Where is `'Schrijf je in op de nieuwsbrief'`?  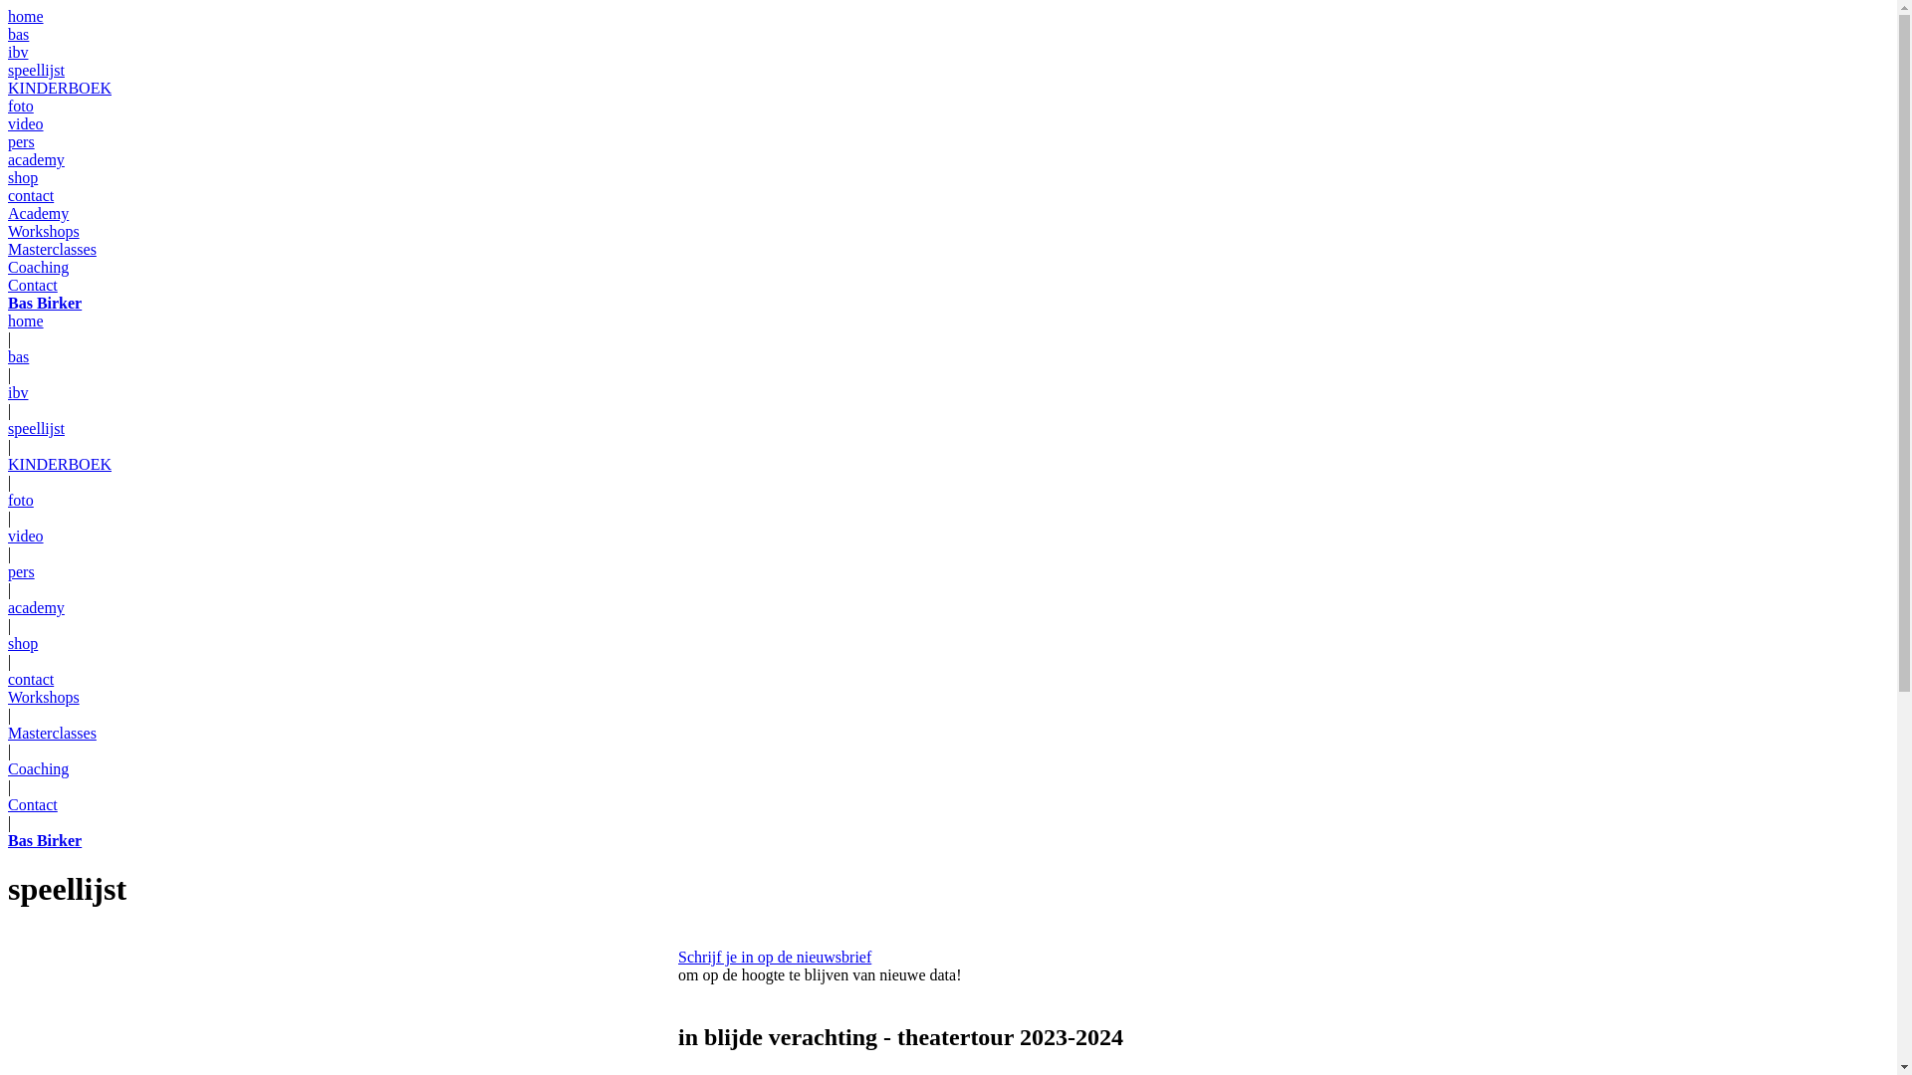
'Schrijf je in op de nieuwsbrief' is located at coordinates (773, 956).